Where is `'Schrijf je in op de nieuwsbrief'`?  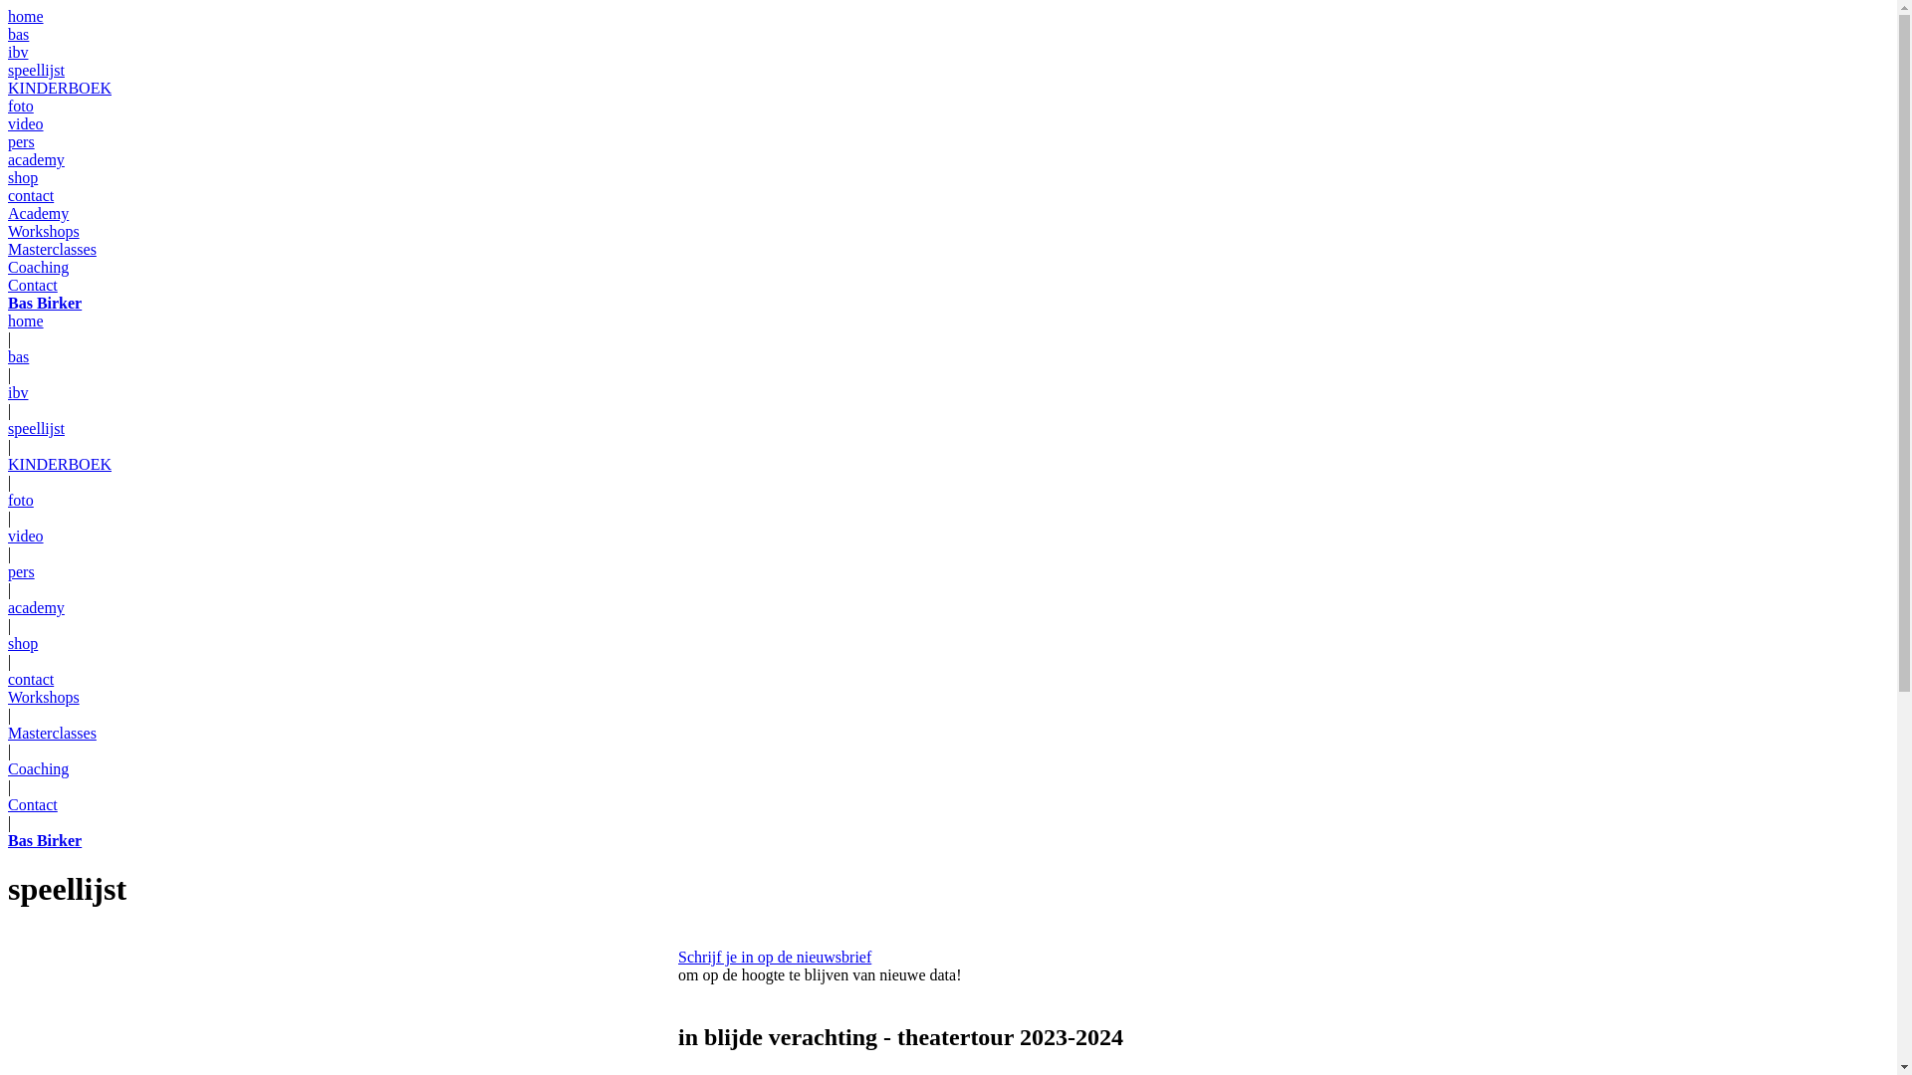
'Schrijf je in op de nieuwsbrief' is located at coordinates (773, 956).